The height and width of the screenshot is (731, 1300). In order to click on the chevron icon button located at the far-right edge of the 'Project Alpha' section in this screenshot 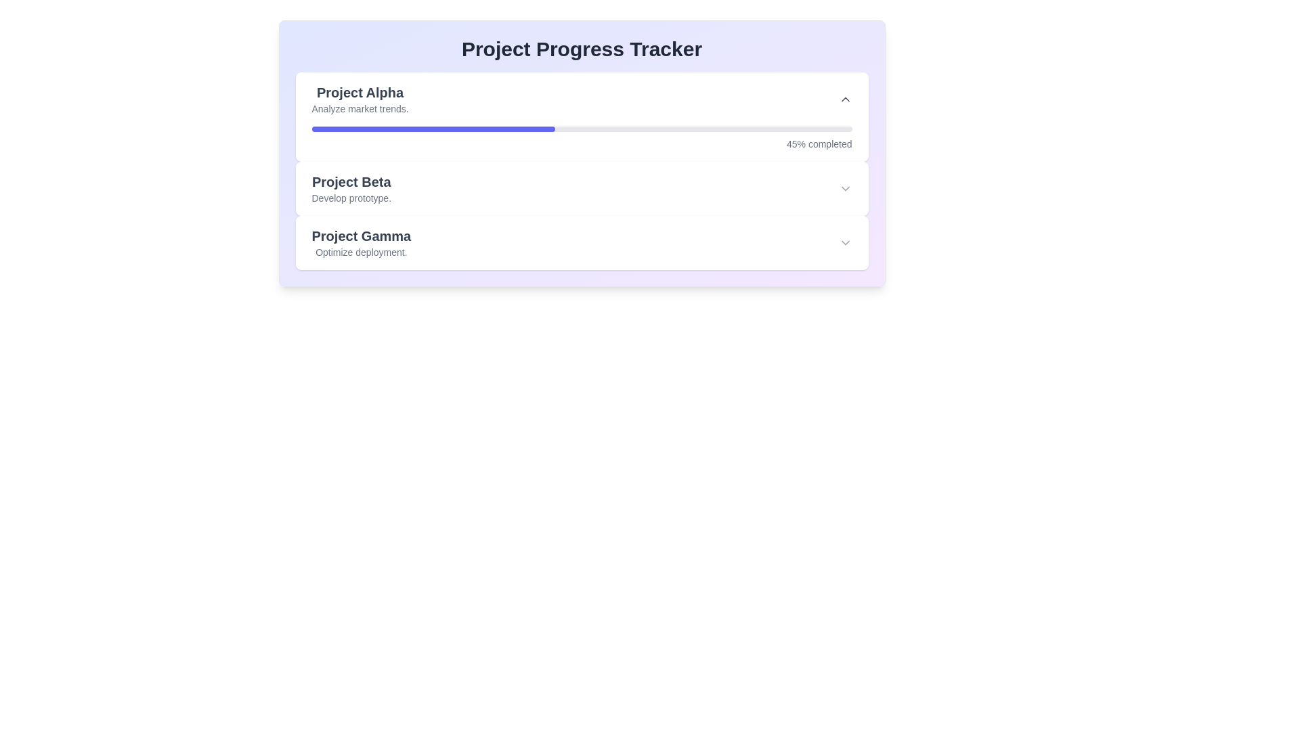, I will do `click(844, 98)`.